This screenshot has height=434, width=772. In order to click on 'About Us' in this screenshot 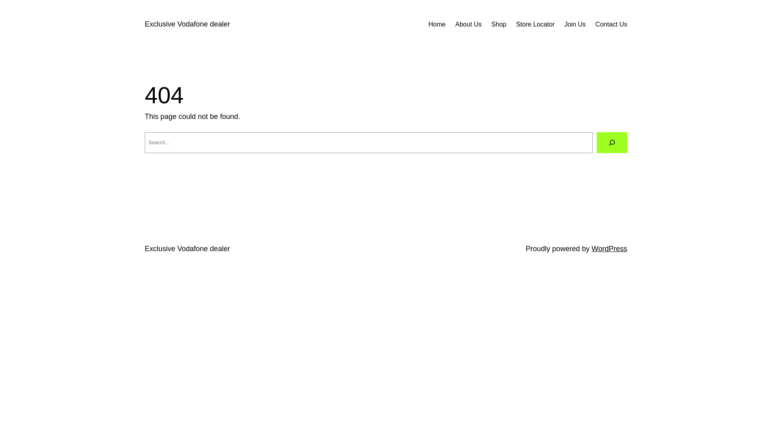, I will do `click(468, 24)`.